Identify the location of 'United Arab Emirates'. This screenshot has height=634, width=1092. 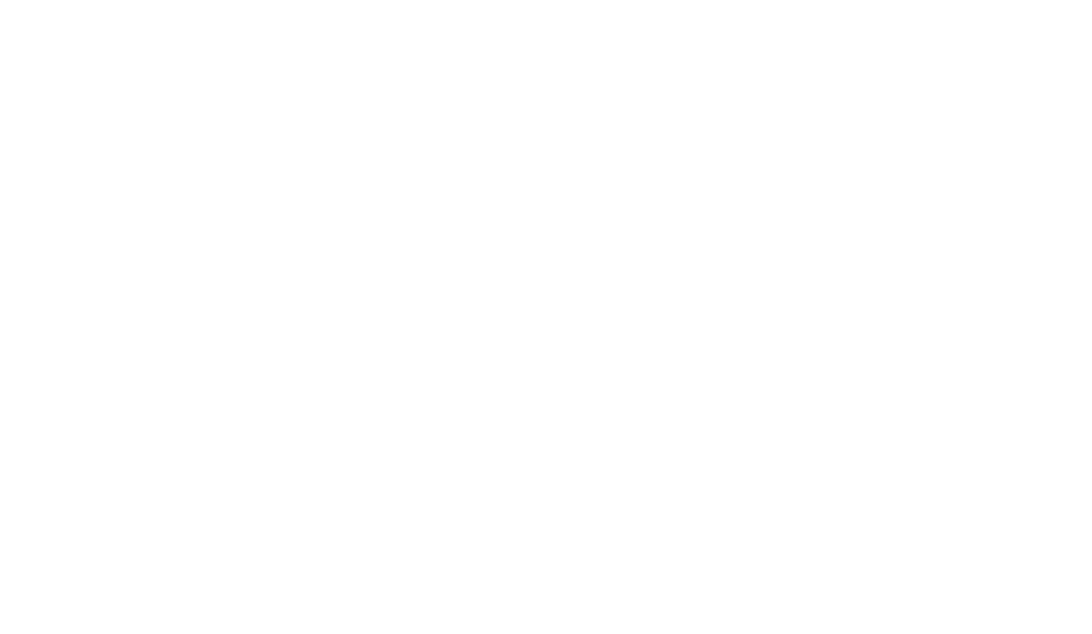
(775, 30).